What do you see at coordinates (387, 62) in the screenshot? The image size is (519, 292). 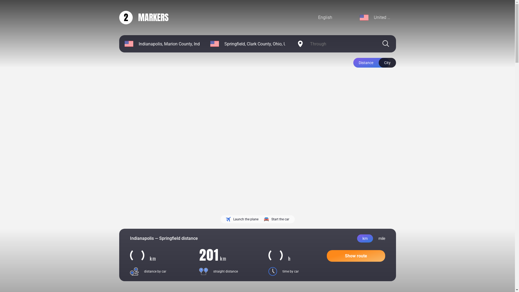 I see `'City'` at bounding box center [387, 62].